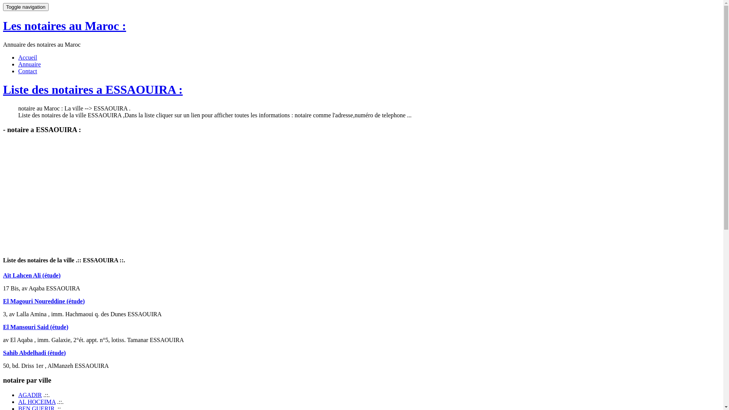 The height and width of the screenshot is (410, 729). What do you see at coordinates (29, 64) in the screenshot?
I see `'Annuaire'` at bounding box center [29, 64].